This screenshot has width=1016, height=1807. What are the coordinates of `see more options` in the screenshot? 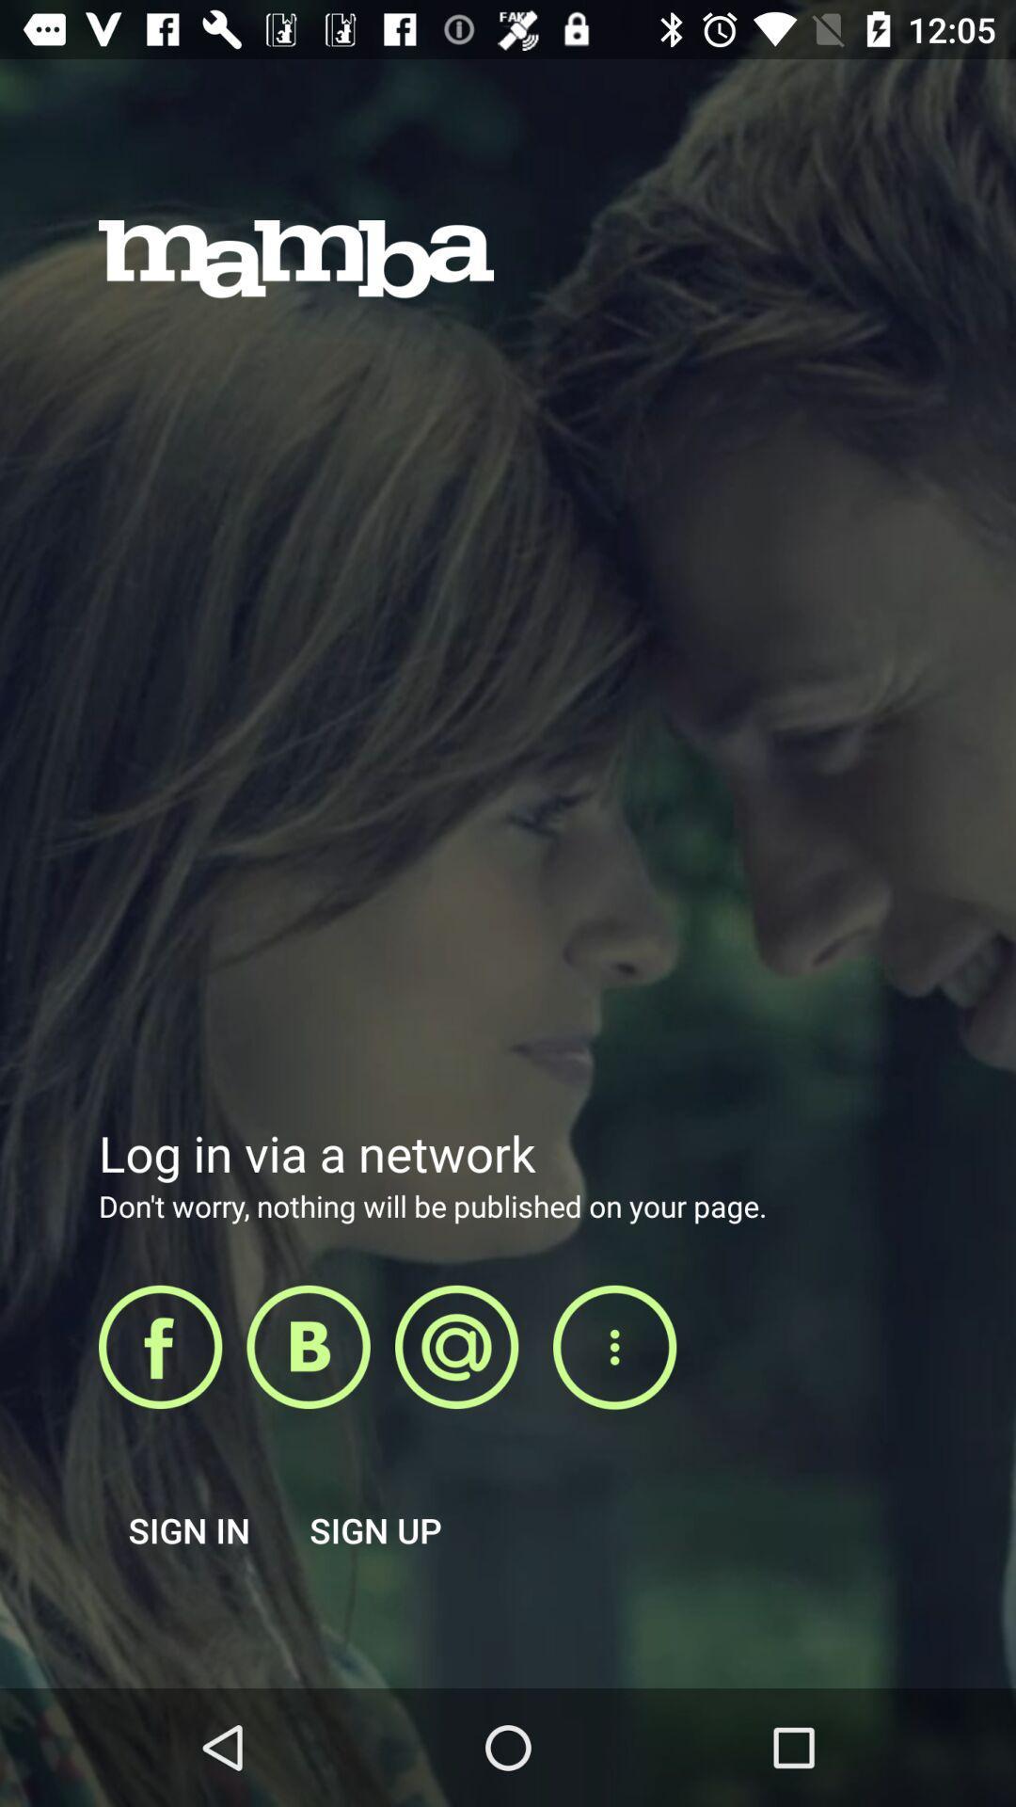 It's located at (614, 1347).